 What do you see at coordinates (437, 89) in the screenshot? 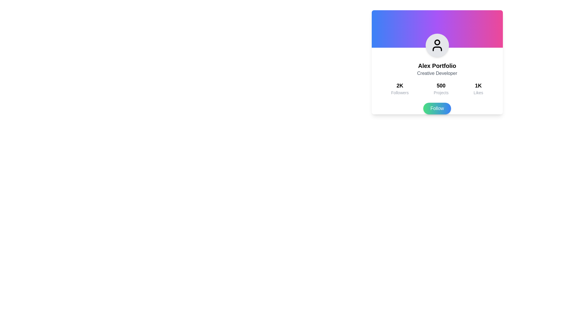
I see `displayed information from the middle informational block showing '500 Projects'` at bounding box center [437, 89].